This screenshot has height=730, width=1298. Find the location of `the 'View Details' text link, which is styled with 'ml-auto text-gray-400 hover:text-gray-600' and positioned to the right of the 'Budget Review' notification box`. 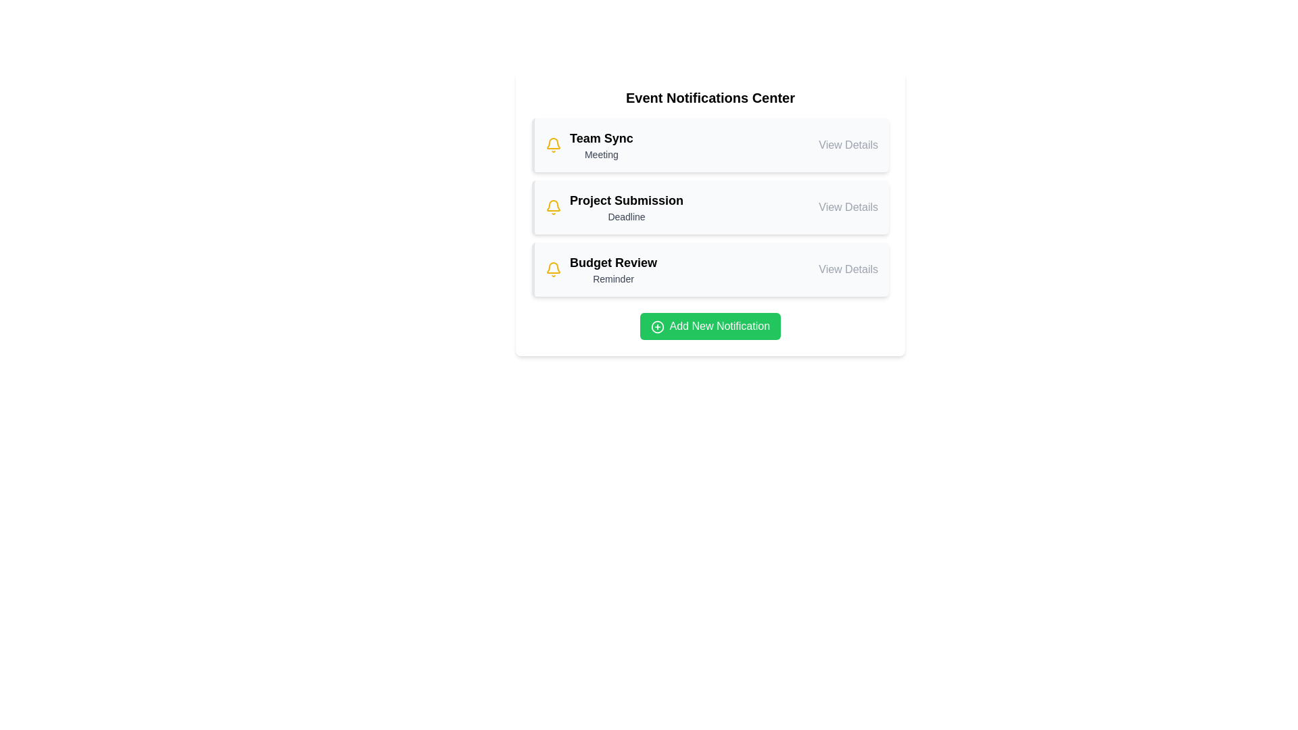

the 'View Details' text link, which is styled with 'ml-auto text-gray-400 hover:text-gray-600' and positioned to the right of the 'Budget Review' notification box is located at coordinates (848, 269).